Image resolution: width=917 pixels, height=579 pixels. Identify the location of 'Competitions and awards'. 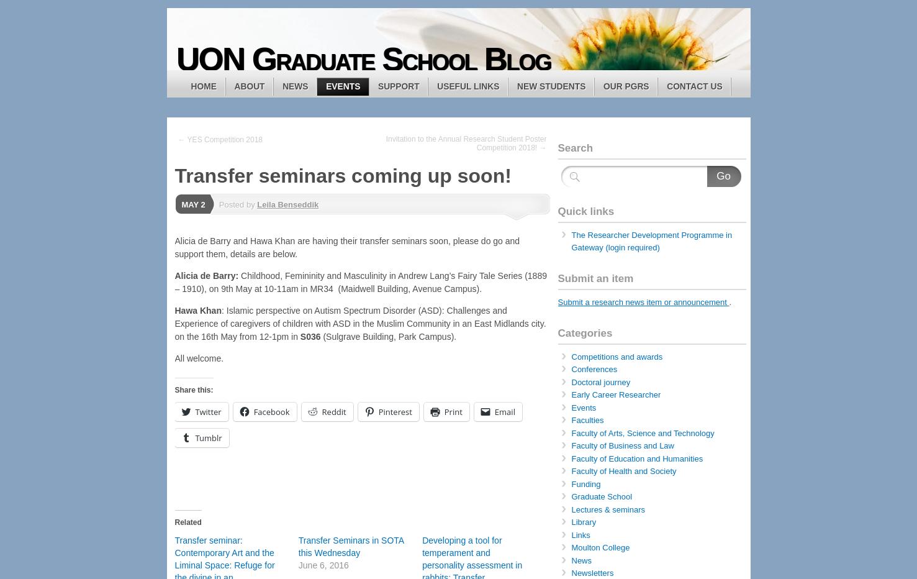
(616, 356).